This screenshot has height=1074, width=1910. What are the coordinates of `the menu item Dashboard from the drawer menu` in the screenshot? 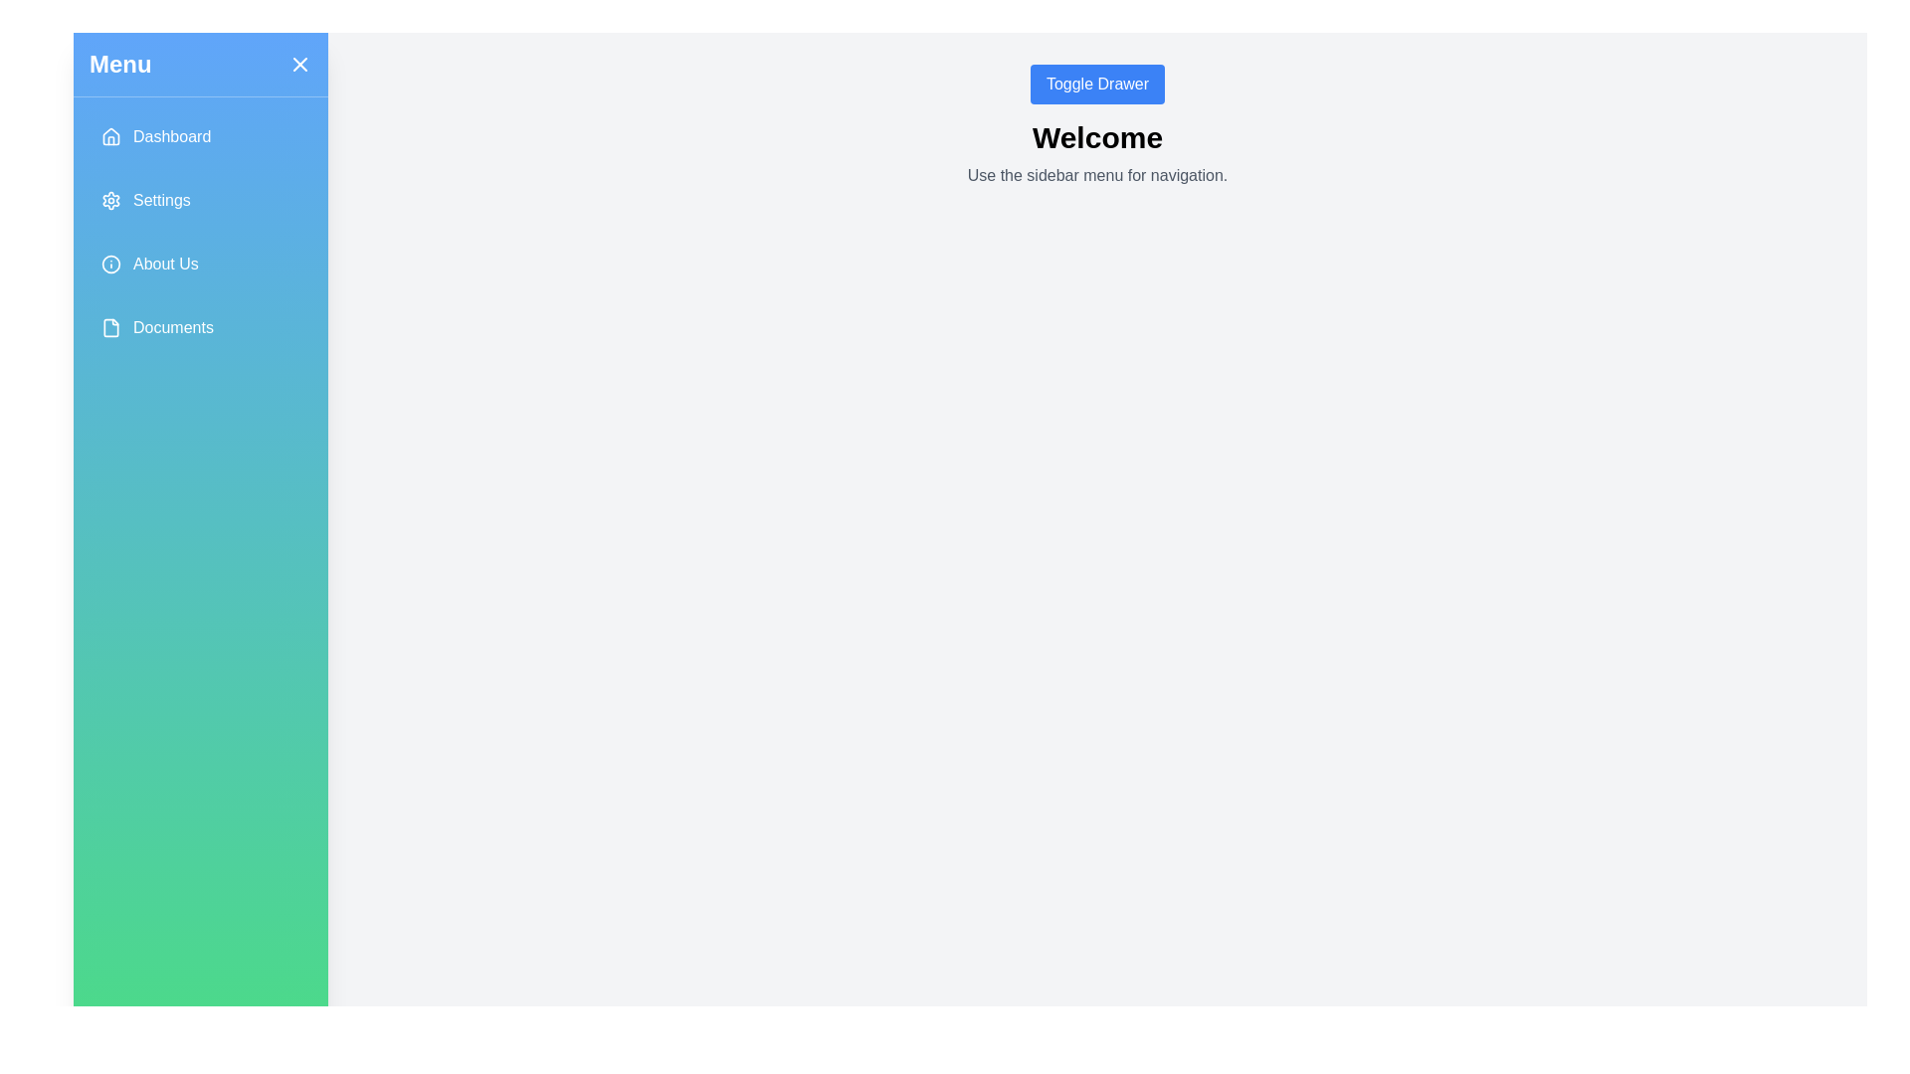 It's located at (200, 136).